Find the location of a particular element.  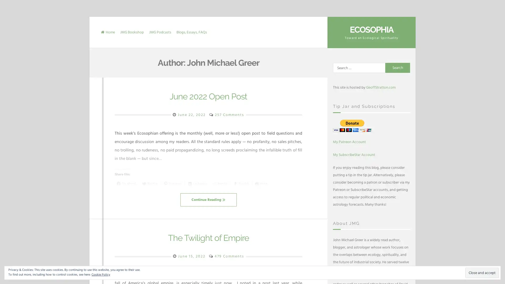

PayPal - The safer, easier way to pay online! is located at coordinates (352, 125).